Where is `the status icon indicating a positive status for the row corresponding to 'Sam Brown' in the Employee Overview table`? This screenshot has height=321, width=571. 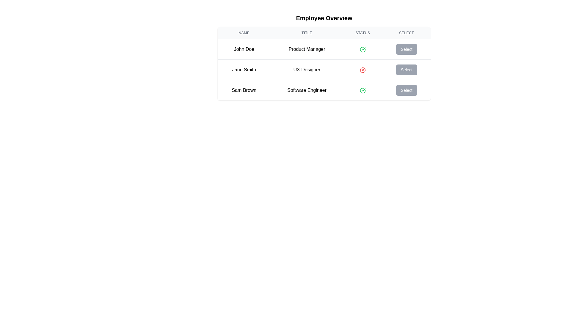 the status icon indicating a positive status for the row corresponding to 'Sam Brown' in the Employee Overview table is located at coordinates (363, 90).